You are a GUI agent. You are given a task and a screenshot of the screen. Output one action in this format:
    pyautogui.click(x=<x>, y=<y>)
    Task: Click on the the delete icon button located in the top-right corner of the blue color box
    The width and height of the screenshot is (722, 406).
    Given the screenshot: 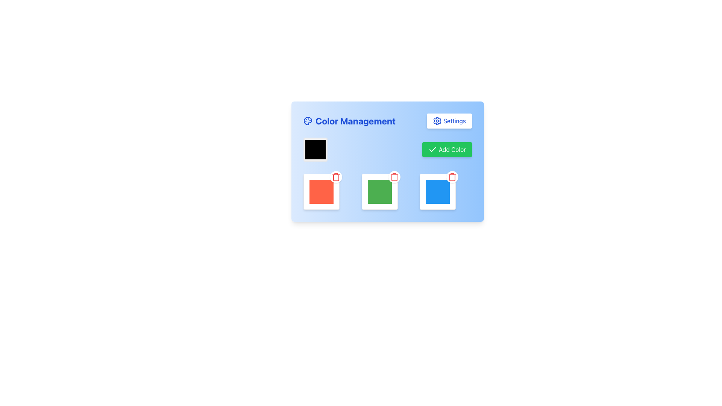 What is the action you would take?
    pyautogui.click(x=452, y=177)
    